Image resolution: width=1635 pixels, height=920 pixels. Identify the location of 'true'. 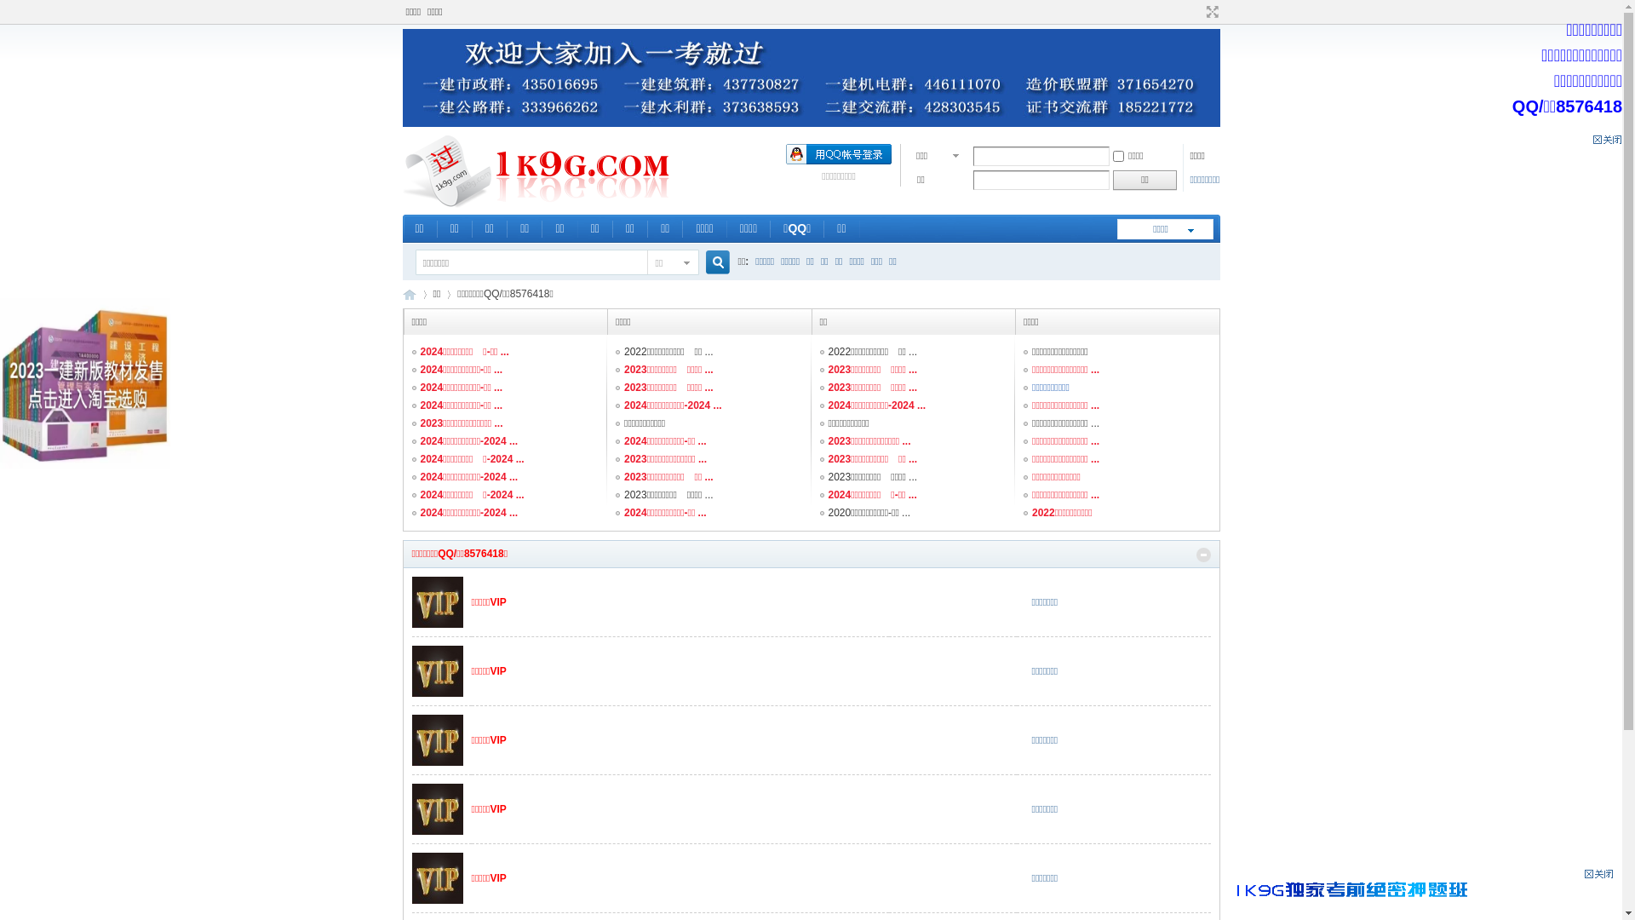
(698, 262).